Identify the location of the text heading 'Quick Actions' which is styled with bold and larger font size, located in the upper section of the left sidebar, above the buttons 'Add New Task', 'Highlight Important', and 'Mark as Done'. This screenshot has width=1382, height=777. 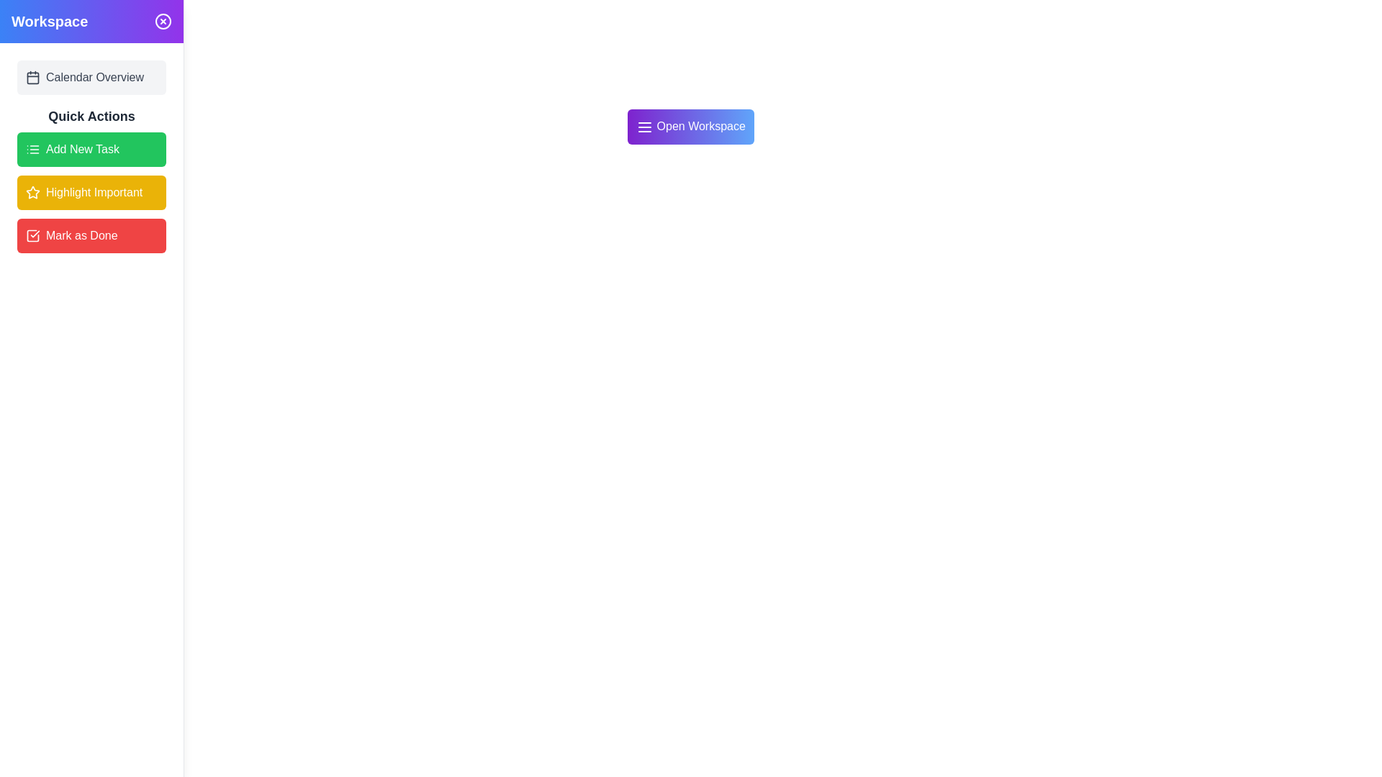
(91, 116).